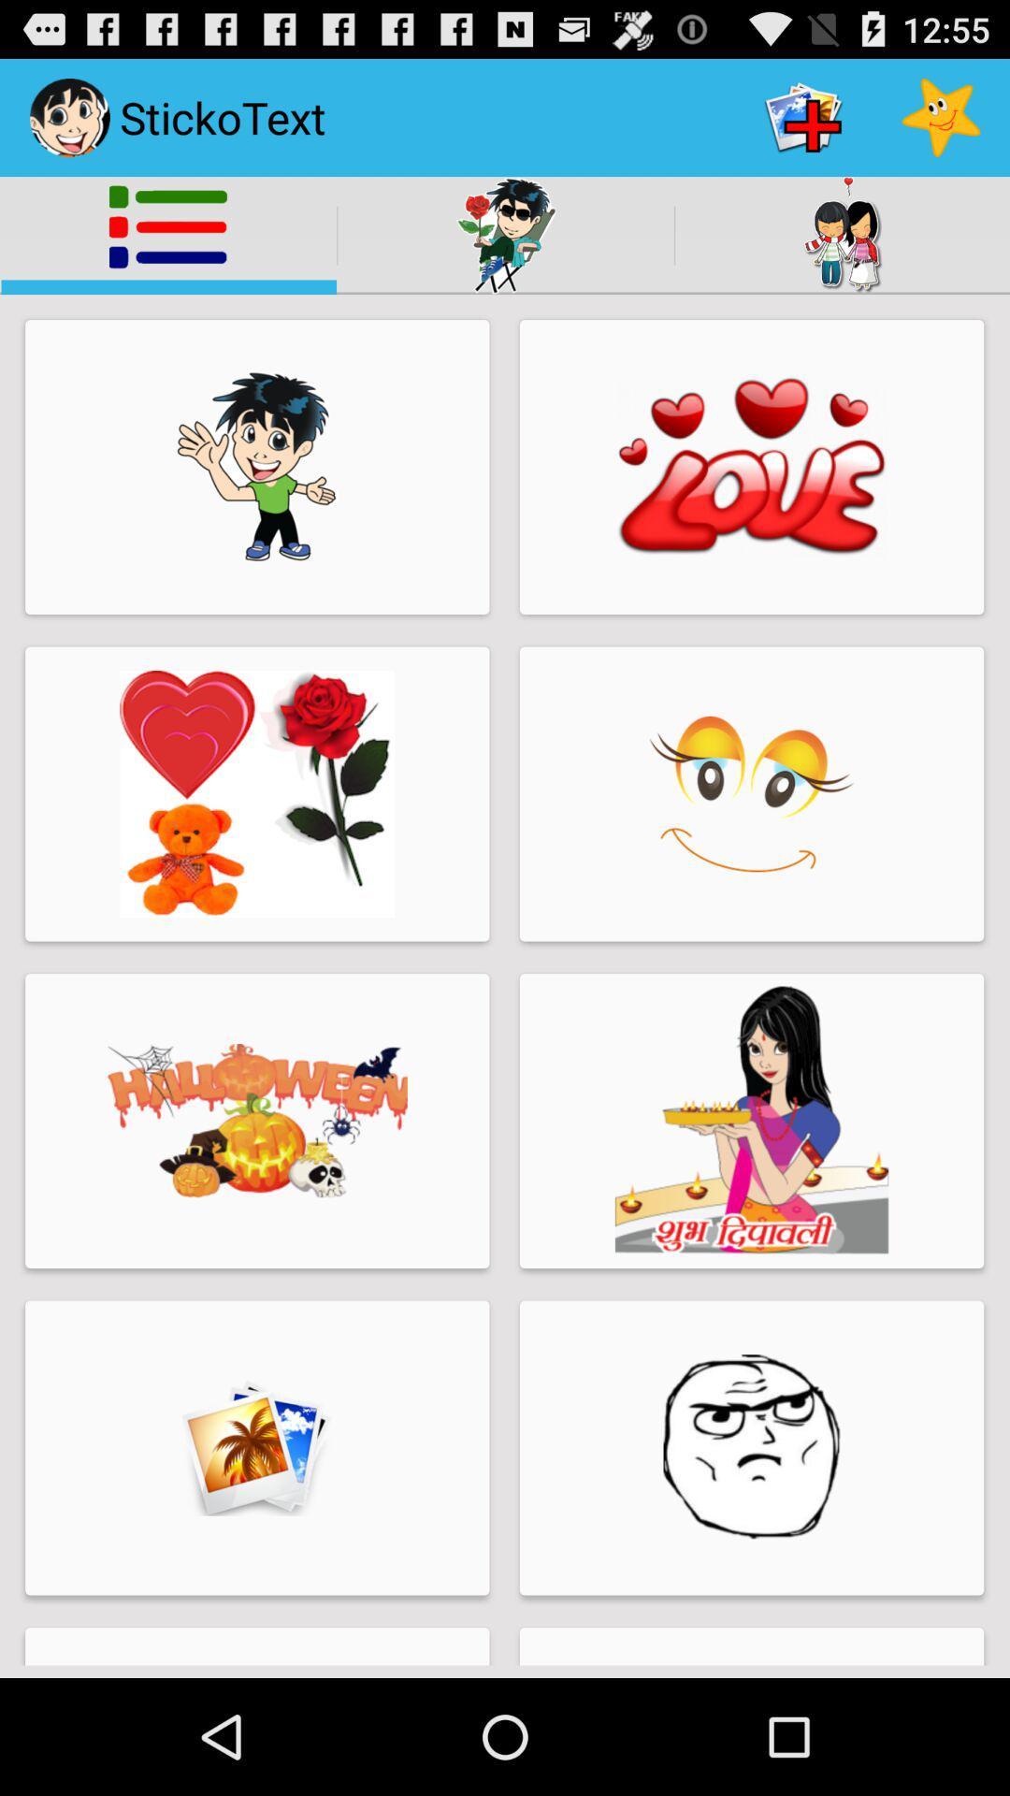  What do you see at coordinates (750, 794) in the screenshot?
I see `the image below the heart image` at bounding box center [750, 794].